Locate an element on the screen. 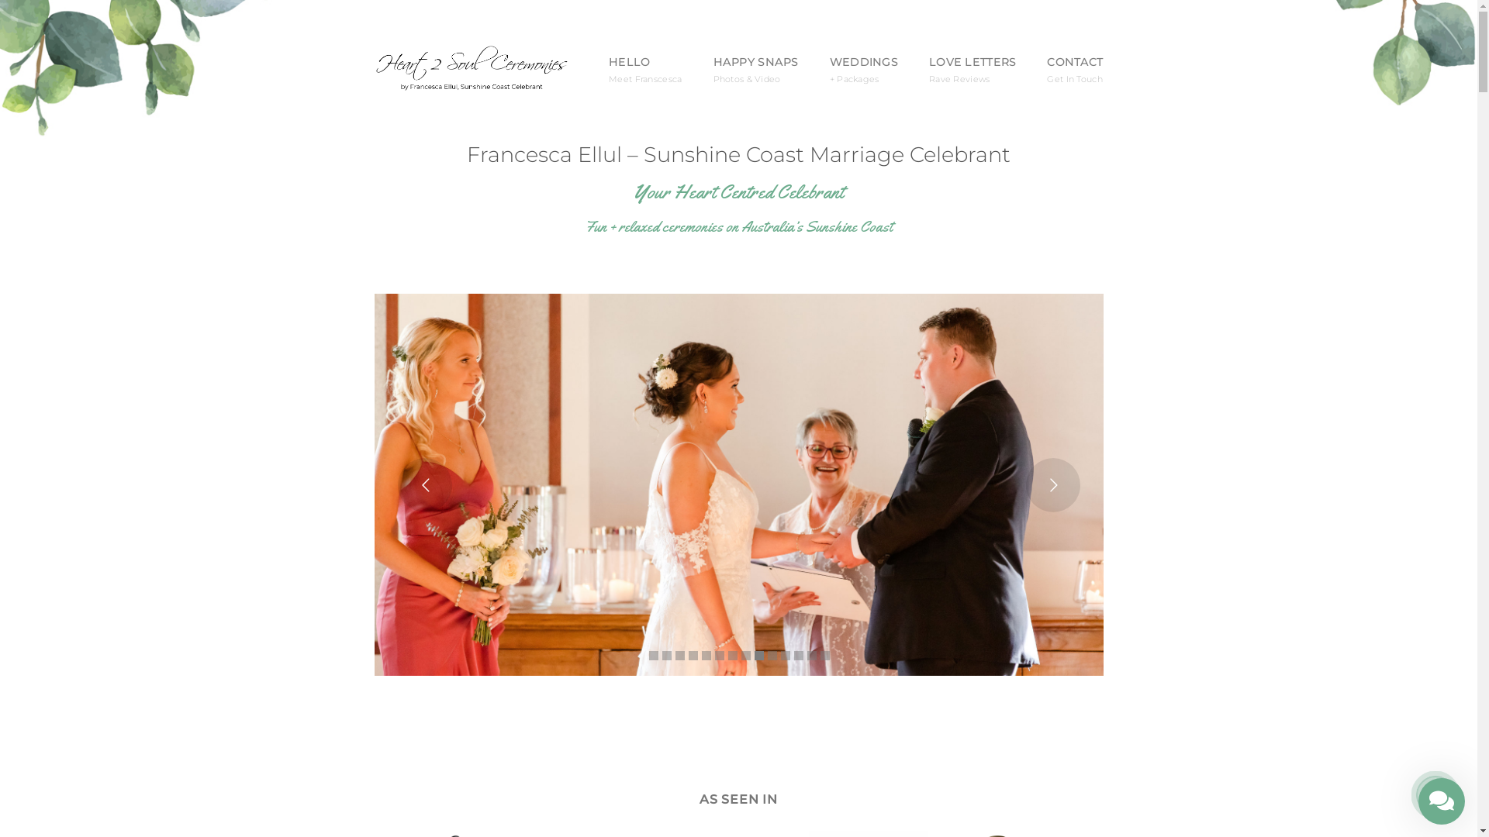 Image resolution: width=1489 pixels, height=837 pixels. 'HELLO is located at coordinates (644, 71).